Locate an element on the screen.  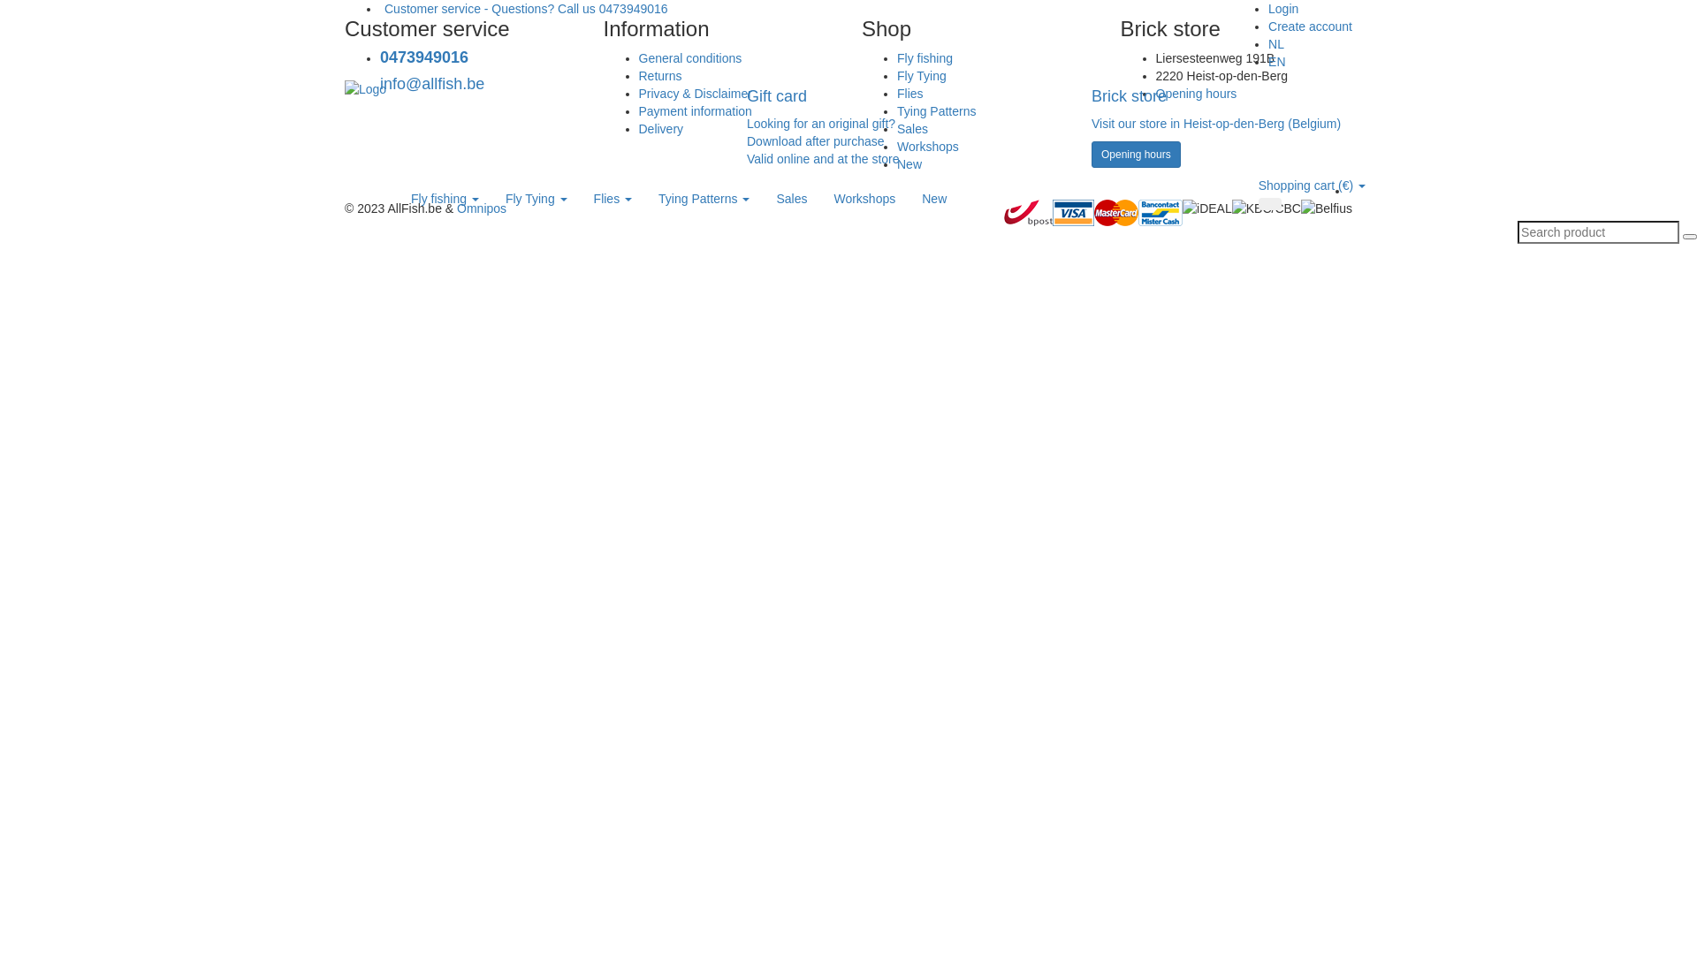
'EN' is located at coordinates (1276, 60).